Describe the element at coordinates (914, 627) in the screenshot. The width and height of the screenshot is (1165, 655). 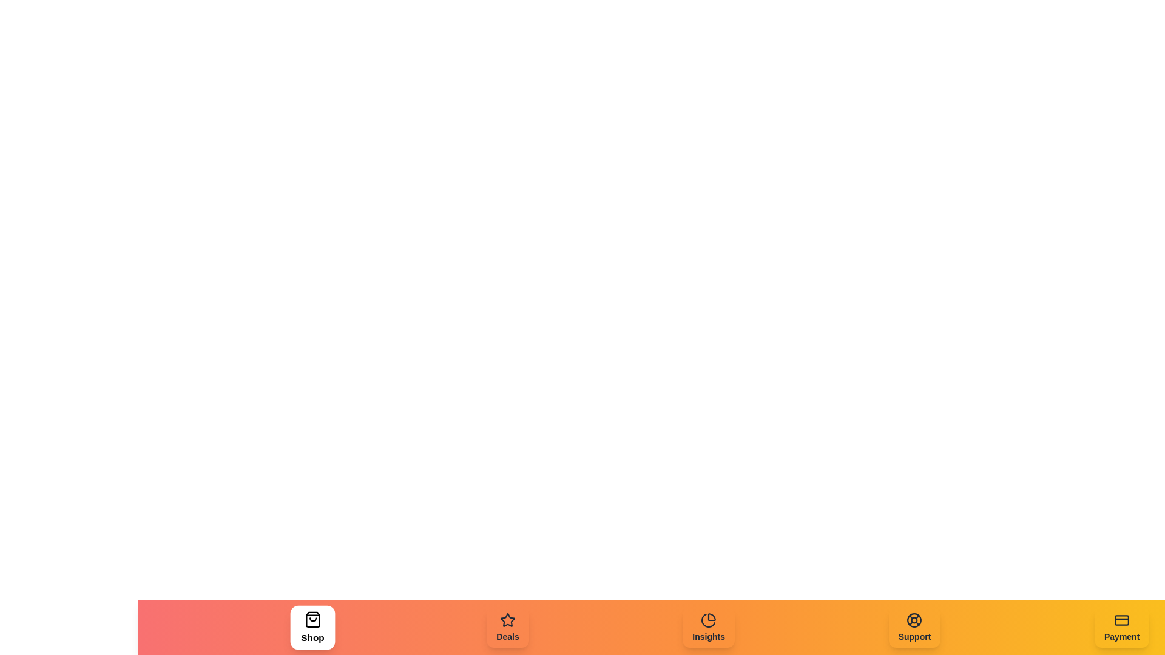
I see `the Support element in the navigation bar` at that location.